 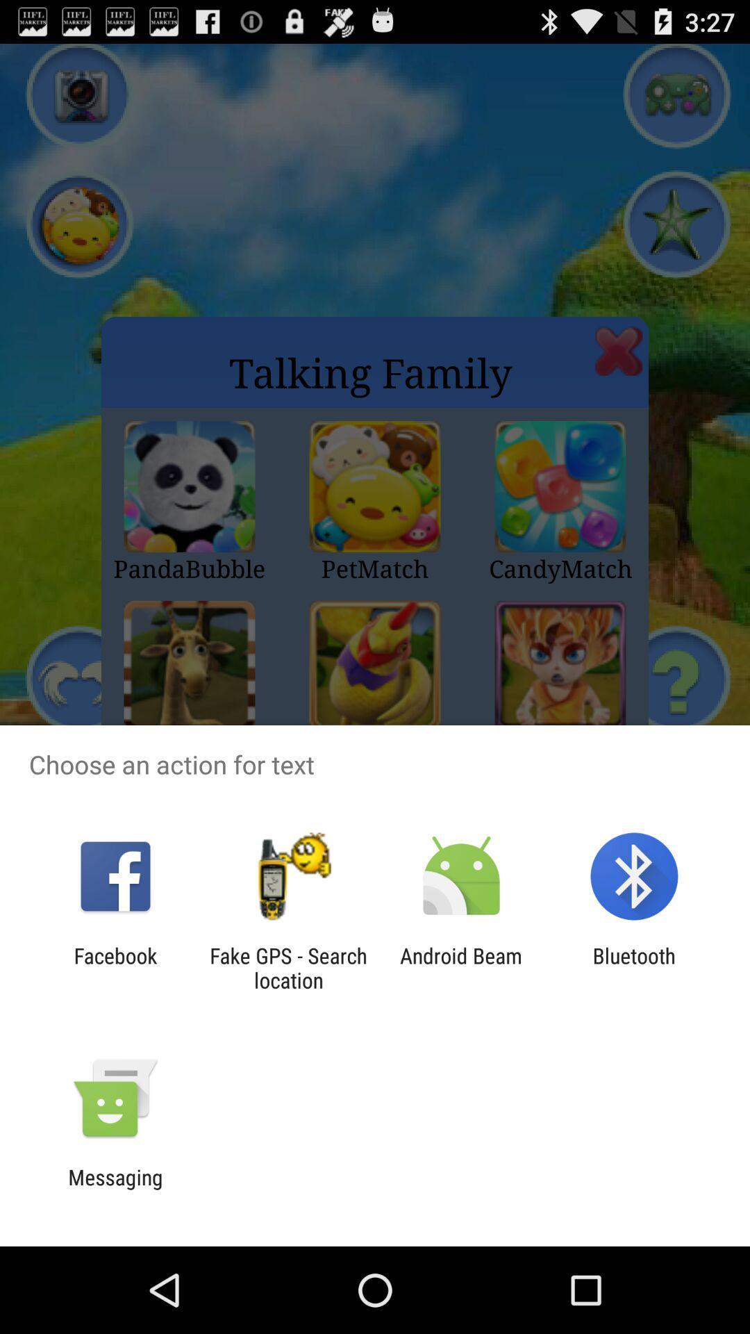 I want to click on app next to facebook app, so click(x=287, y=967).